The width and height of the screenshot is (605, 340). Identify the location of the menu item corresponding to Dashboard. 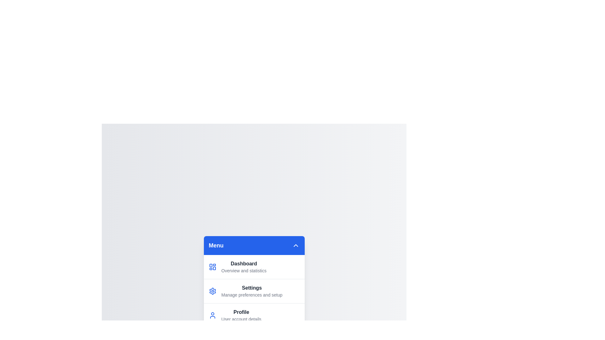
(254, 267).